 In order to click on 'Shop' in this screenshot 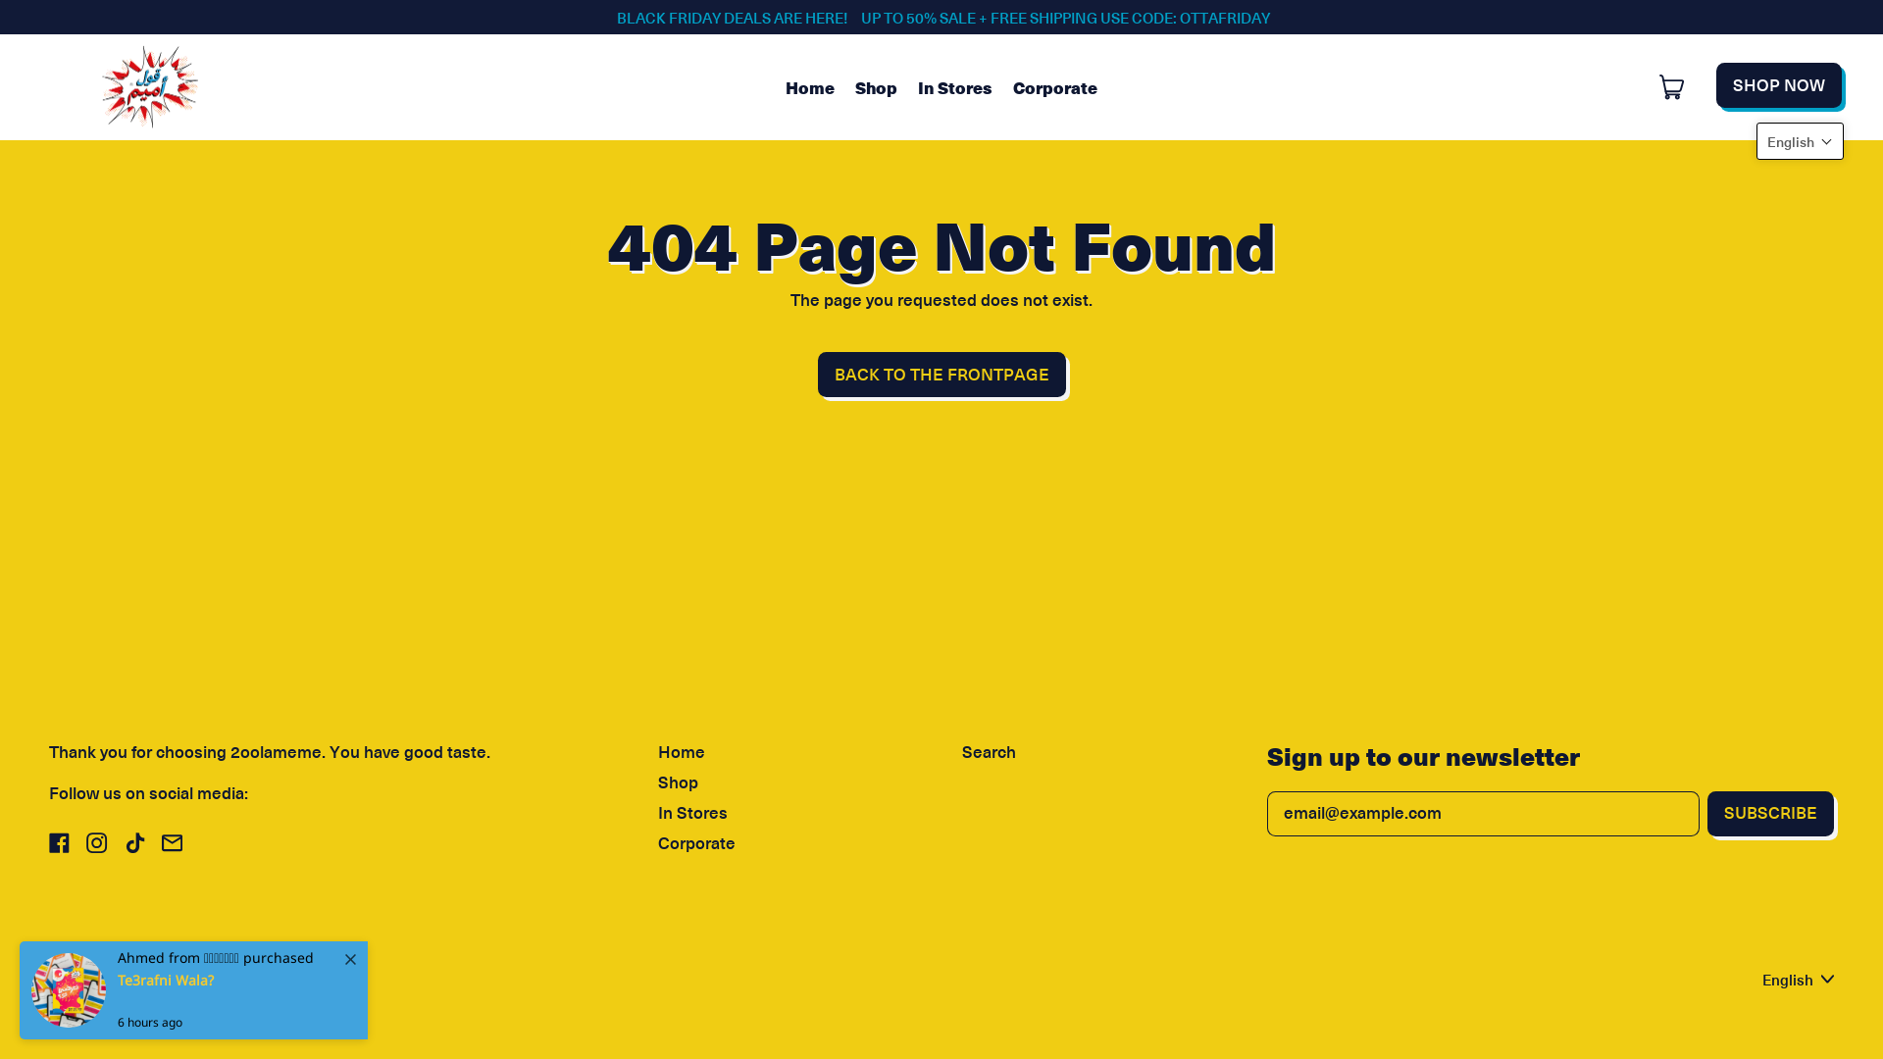, I will do `click(874, 85)`.